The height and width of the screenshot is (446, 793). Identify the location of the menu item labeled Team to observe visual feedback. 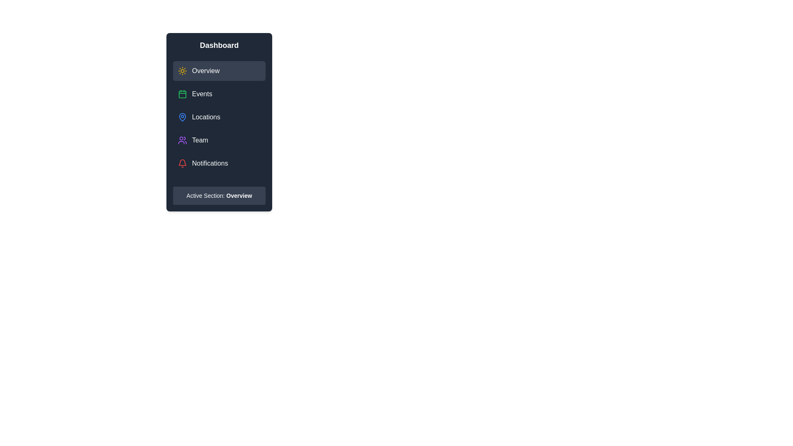
(219, 140).